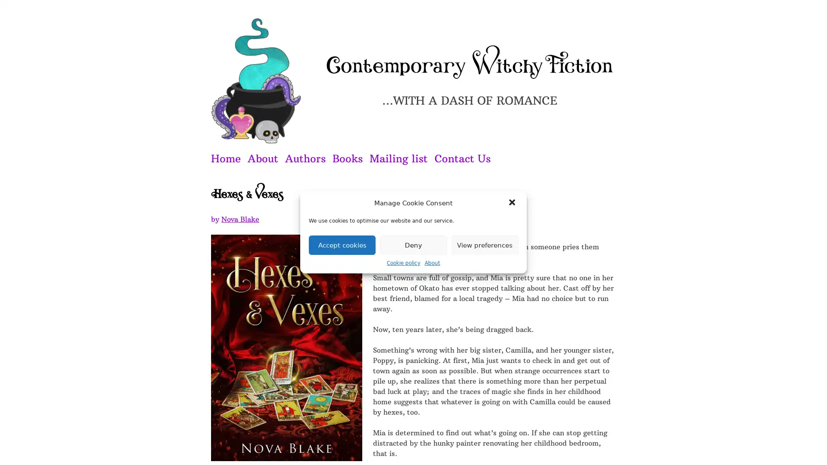 This screenshot has width=827, height=465. What do you see at coordinates (413, 245) in the screenshot?
I see `Deny` at bounding box center [413, 245].